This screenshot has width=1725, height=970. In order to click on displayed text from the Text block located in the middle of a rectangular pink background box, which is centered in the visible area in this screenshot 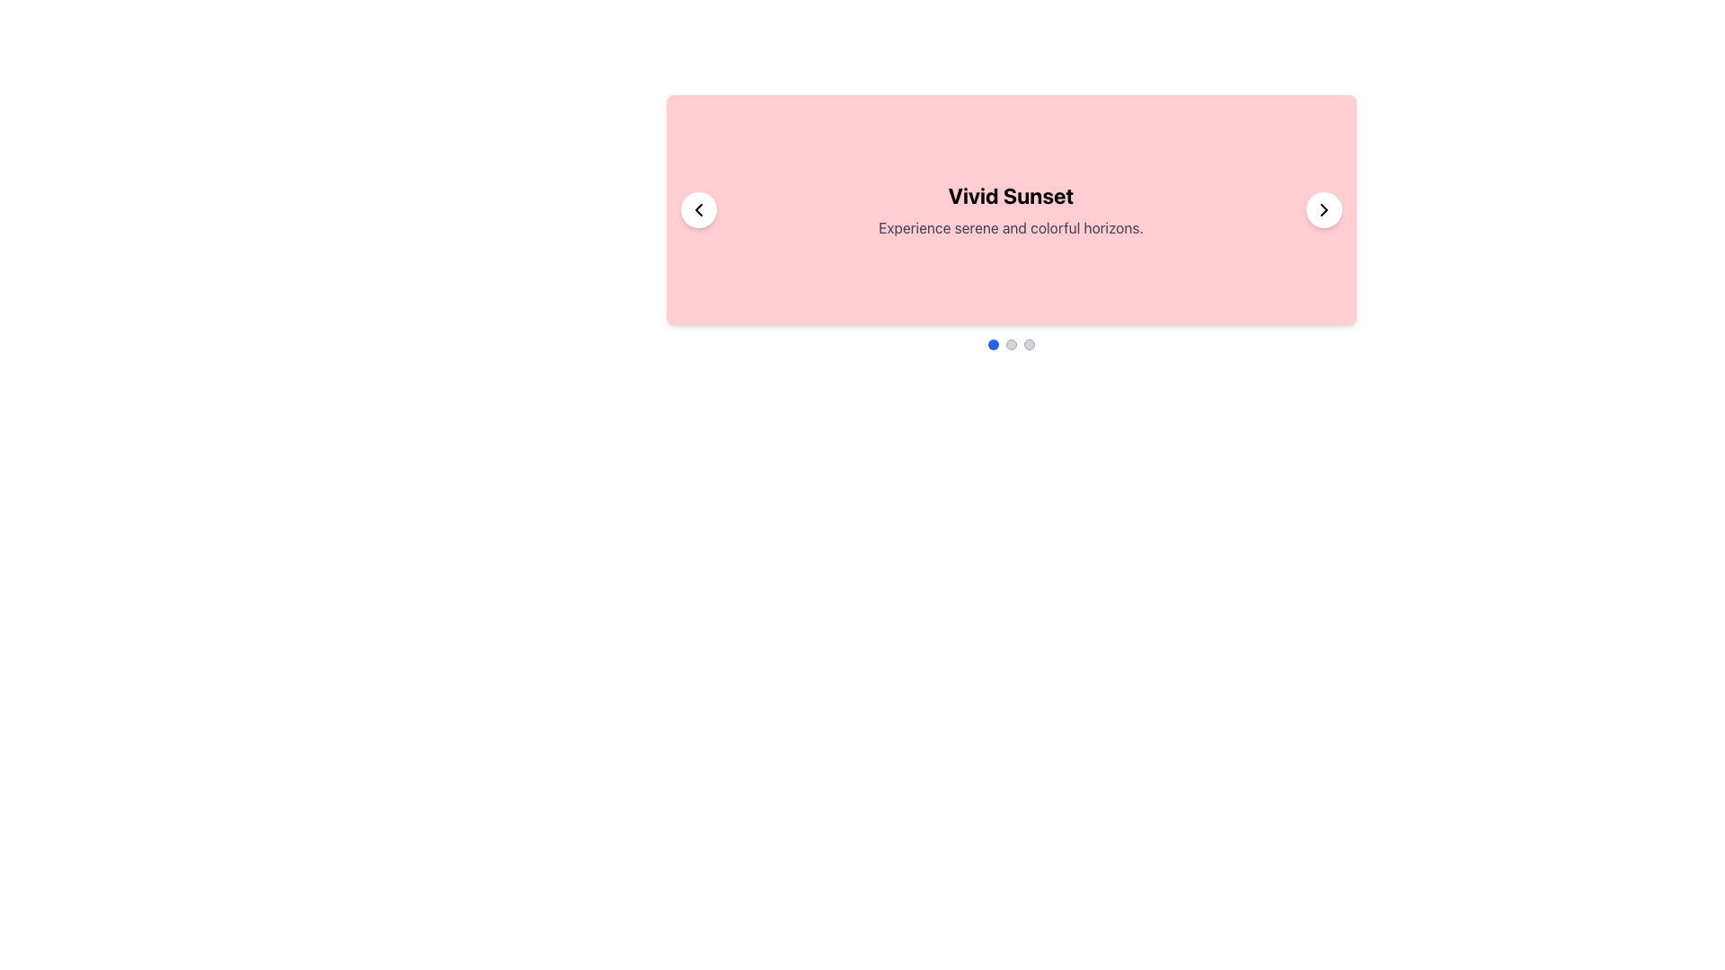, I will do `click(1011, 221)`.